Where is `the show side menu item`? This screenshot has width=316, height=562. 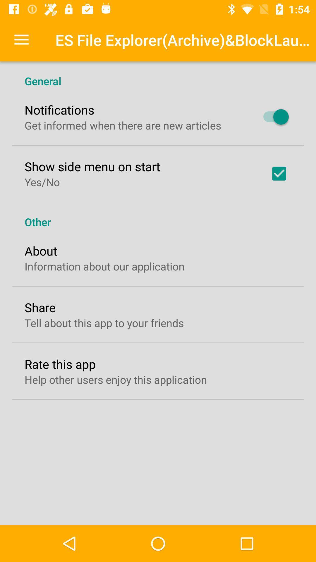
the show side menu item is located at coordinates (92, 166).